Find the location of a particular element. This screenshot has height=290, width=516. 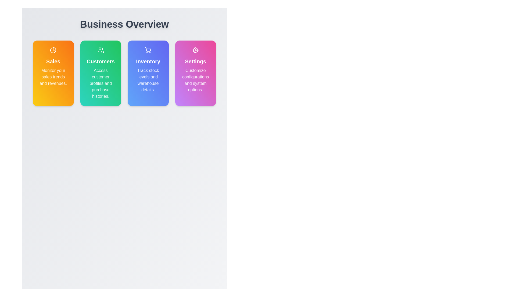

the inventory icon located at the top center of the blue card labeled 'Inventory', positioned directly above the bold text 'Inventory' and its description is located at coordinates (148, 50).